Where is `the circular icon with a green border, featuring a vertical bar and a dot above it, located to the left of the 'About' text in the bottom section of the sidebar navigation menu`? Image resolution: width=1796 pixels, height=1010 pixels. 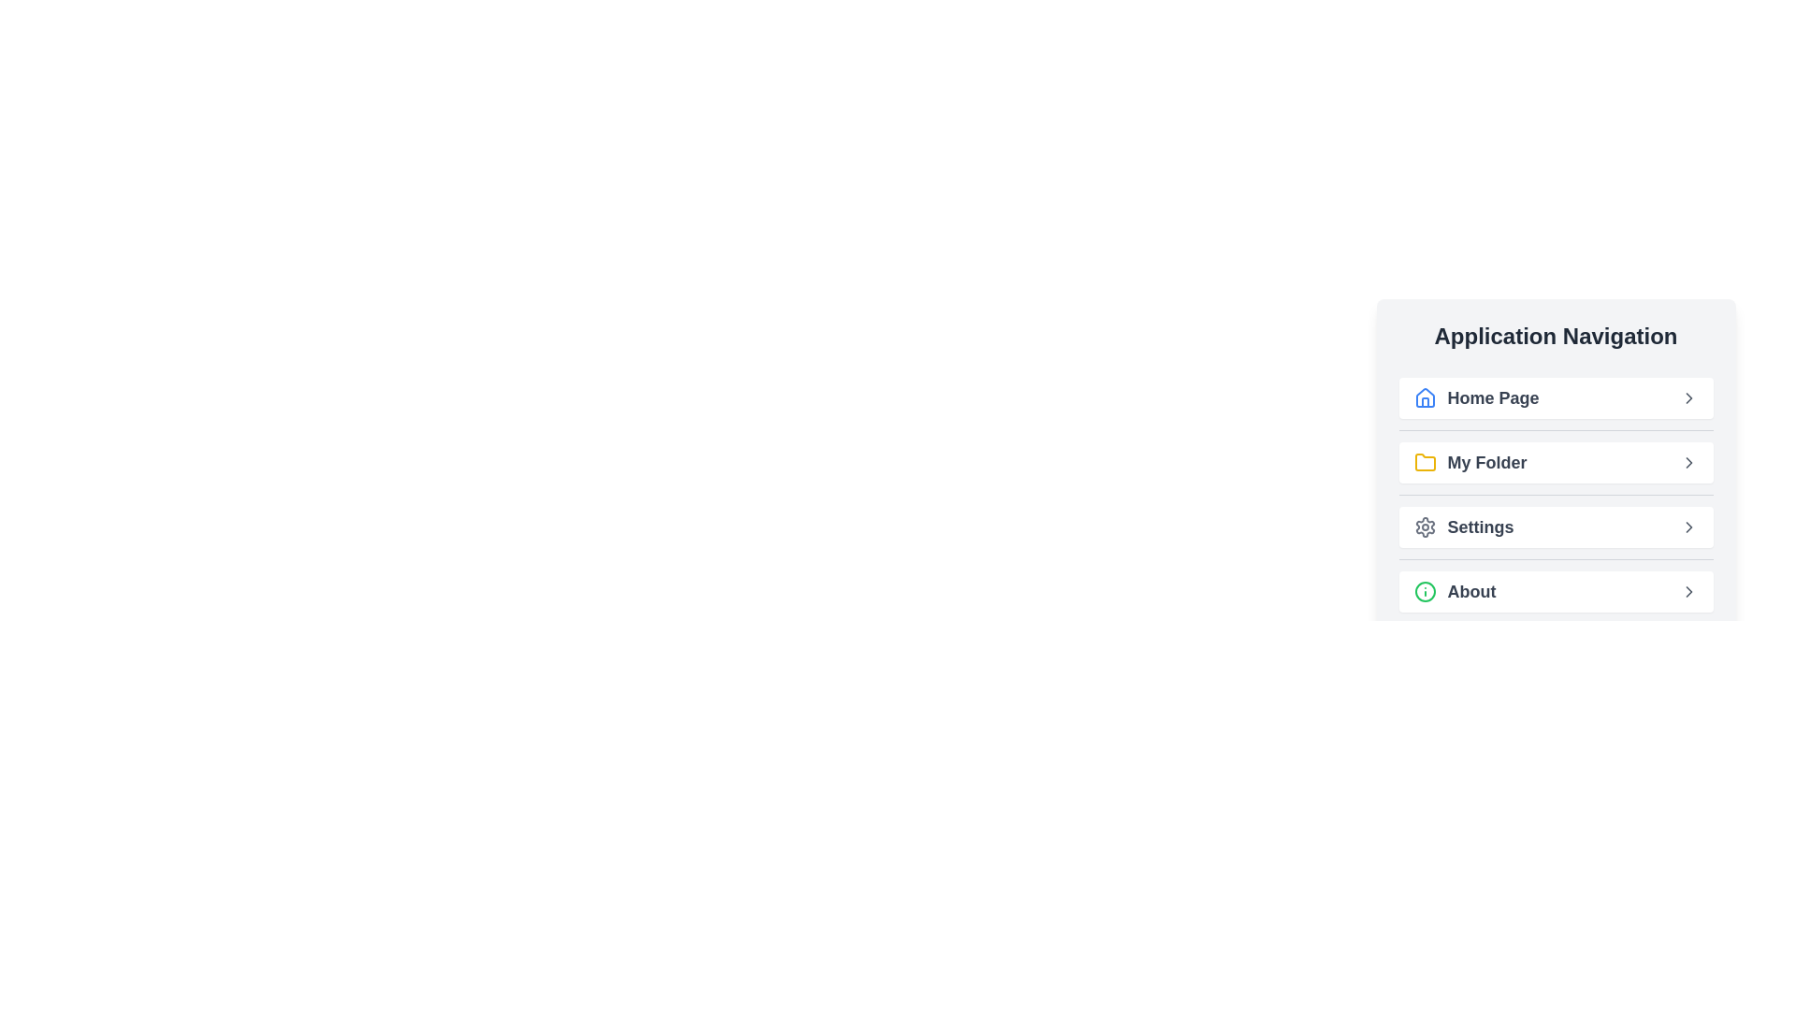 the circular icon with a green border, featuring a vertical bar and a dot above it, located to the left of the 'About' text in the bottom section of the sidebar navigation menu is located at coordinates (1424, 591).